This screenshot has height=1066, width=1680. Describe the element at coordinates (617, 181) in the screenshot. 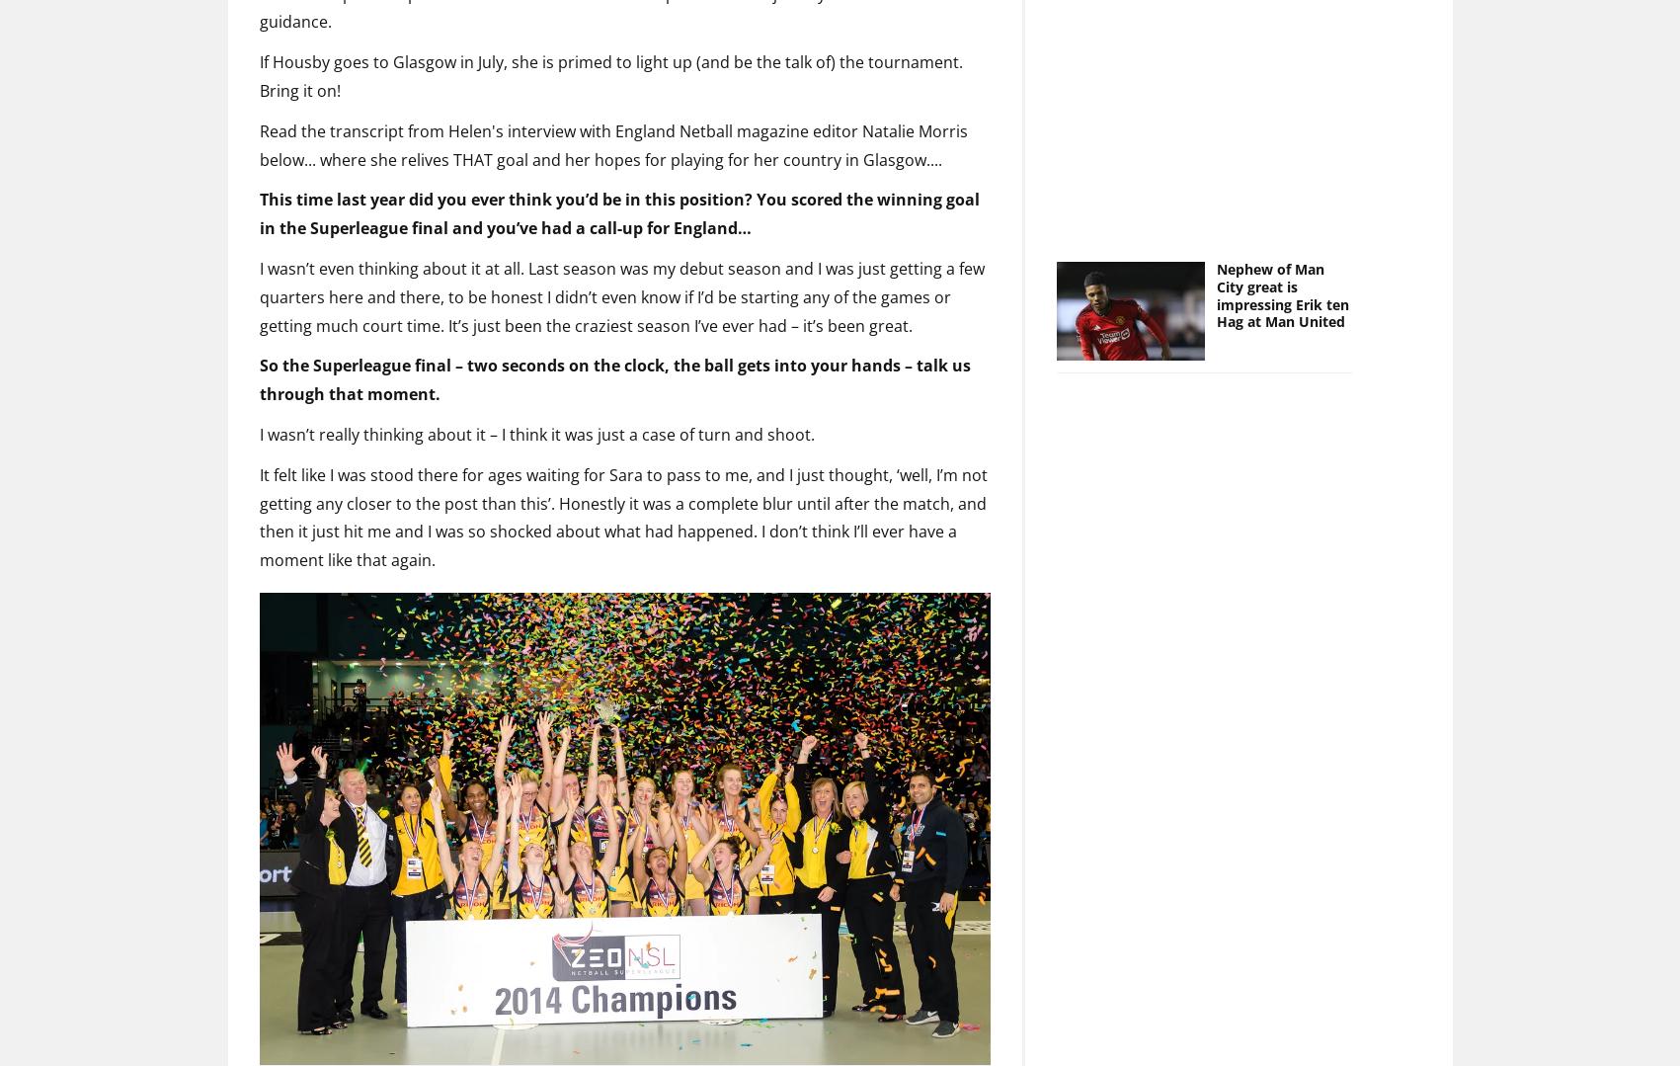

I see `'This time last year did you ever think you’d be in this position? You scored the winning goal in the Superleague final and you’ve had a call-up for England…'` at that location.